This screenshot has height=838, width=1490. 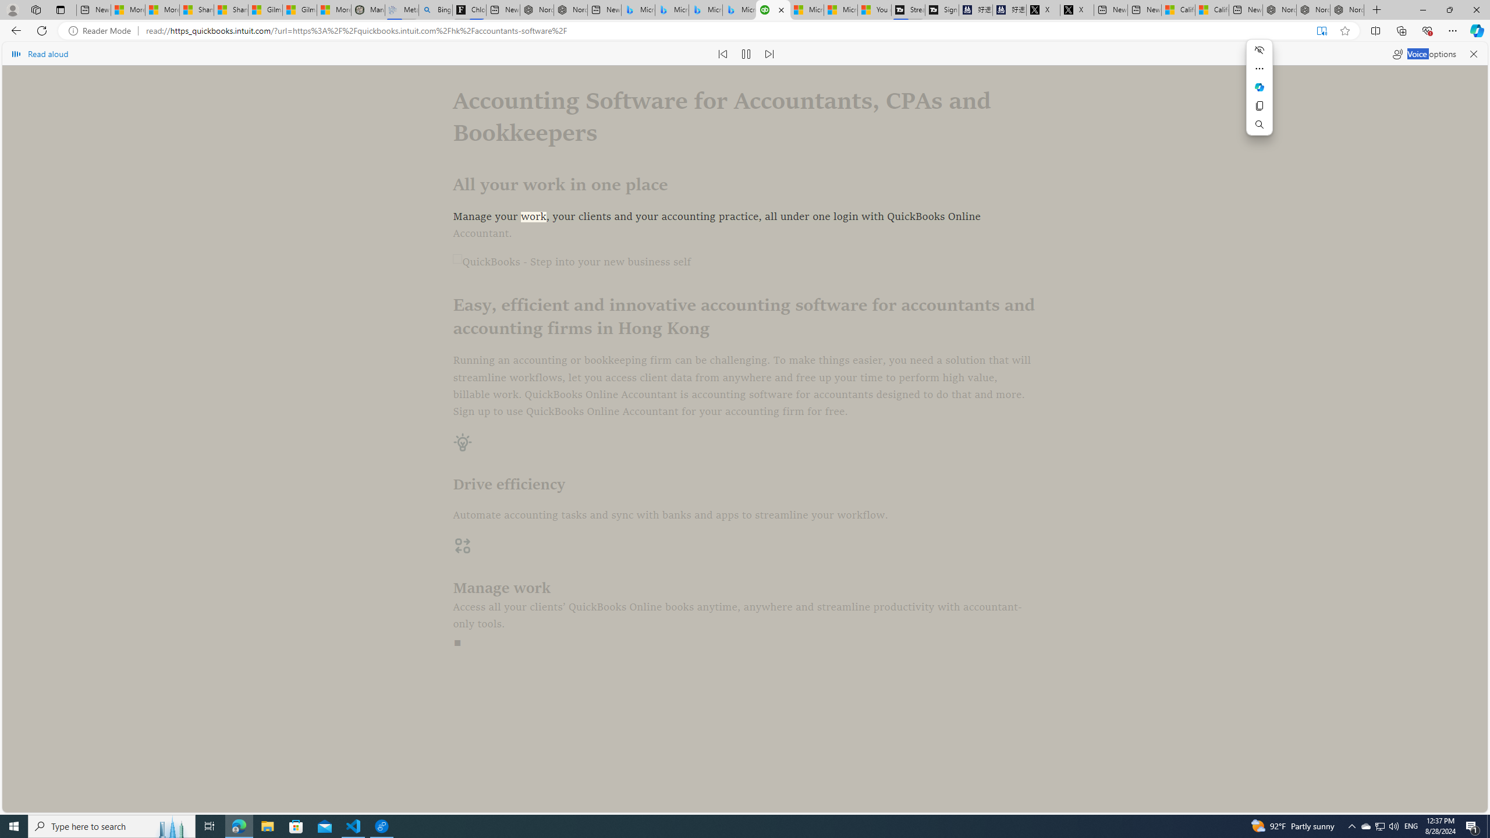 What do you see at coordinates (102, 31) in the screenshot?
I see `'Reader Mode'` at bounding box center [102, 31].